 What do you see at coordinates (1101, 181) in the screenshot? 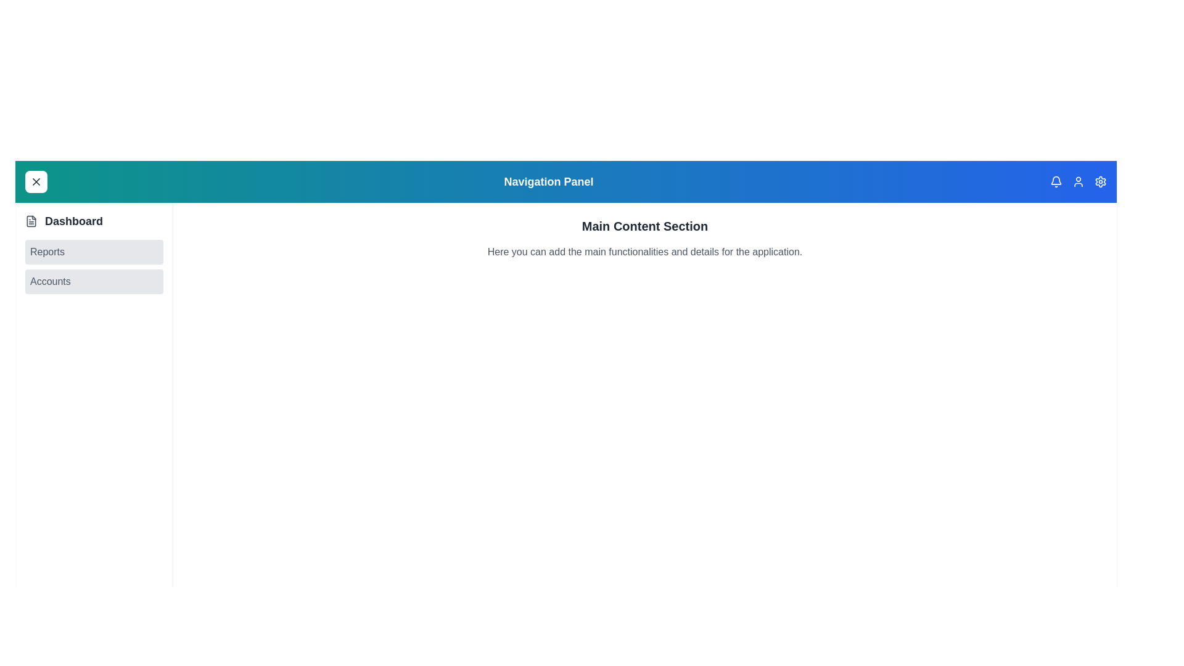
I see `the settings cogwheel icon located in the rightmost section of the navigation bar` at bounding box center [1101, 181].